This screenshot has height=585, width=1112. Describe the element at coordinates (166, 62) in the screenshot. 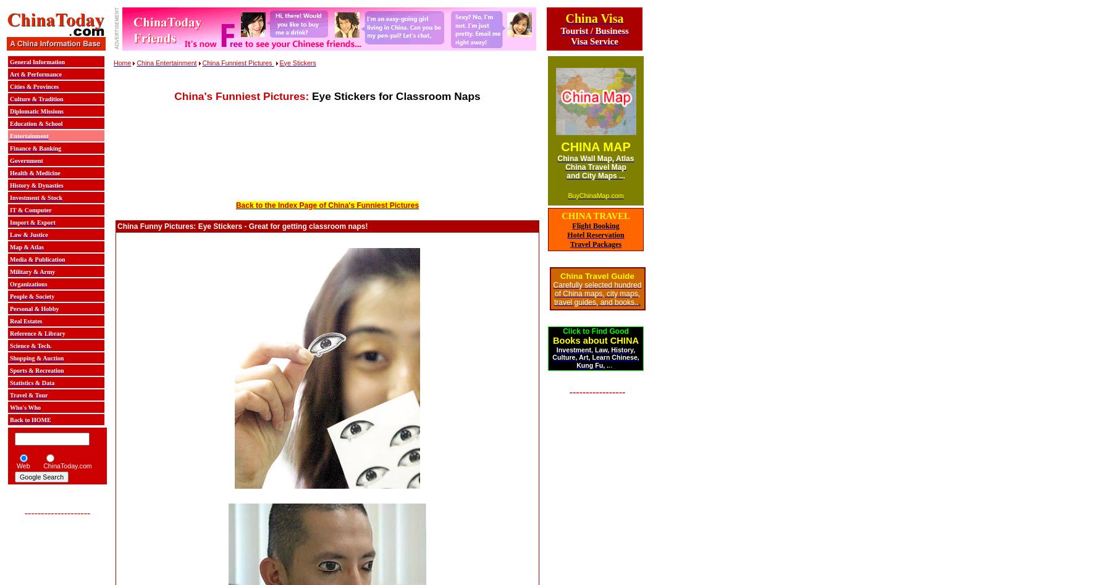

I see `'China Entertainment'` at that location.